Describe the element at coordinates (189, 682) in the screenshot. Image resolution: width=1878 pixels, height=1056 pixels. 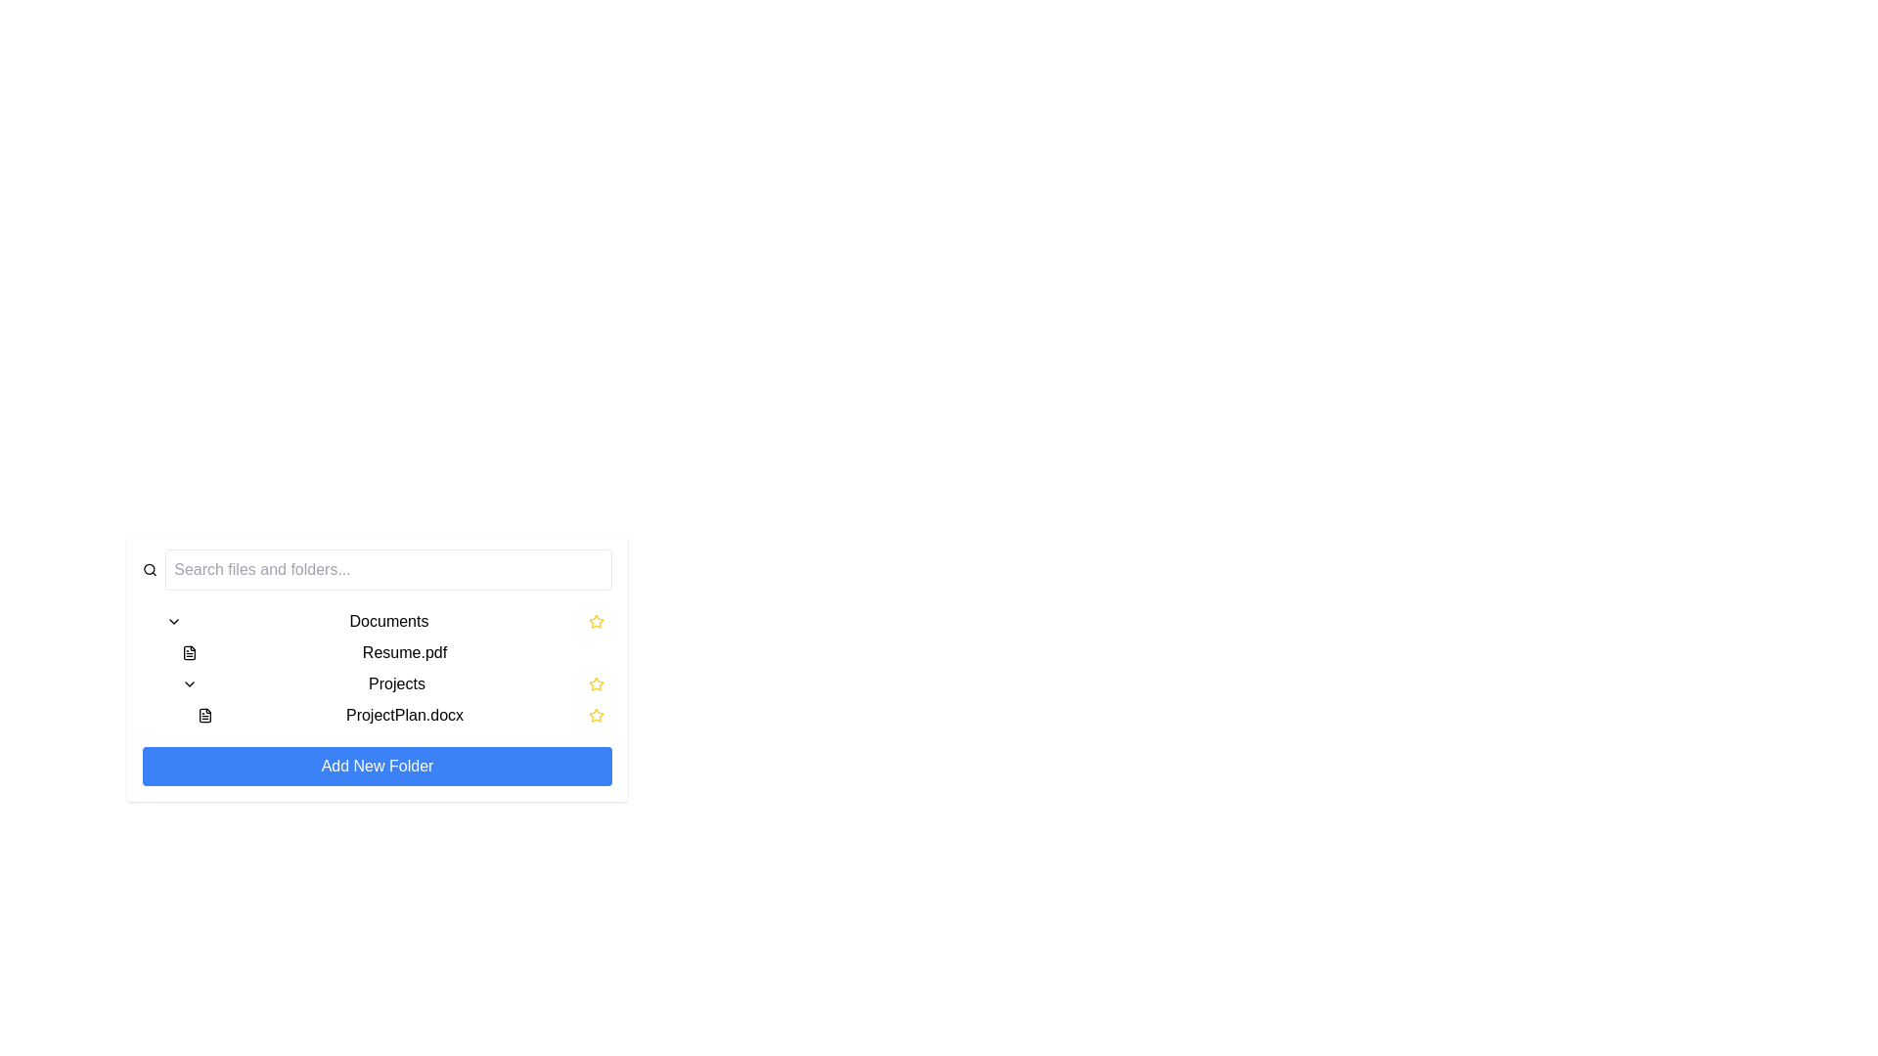
I see `the chevron icon to the left of the 'Projects' text` at that location.